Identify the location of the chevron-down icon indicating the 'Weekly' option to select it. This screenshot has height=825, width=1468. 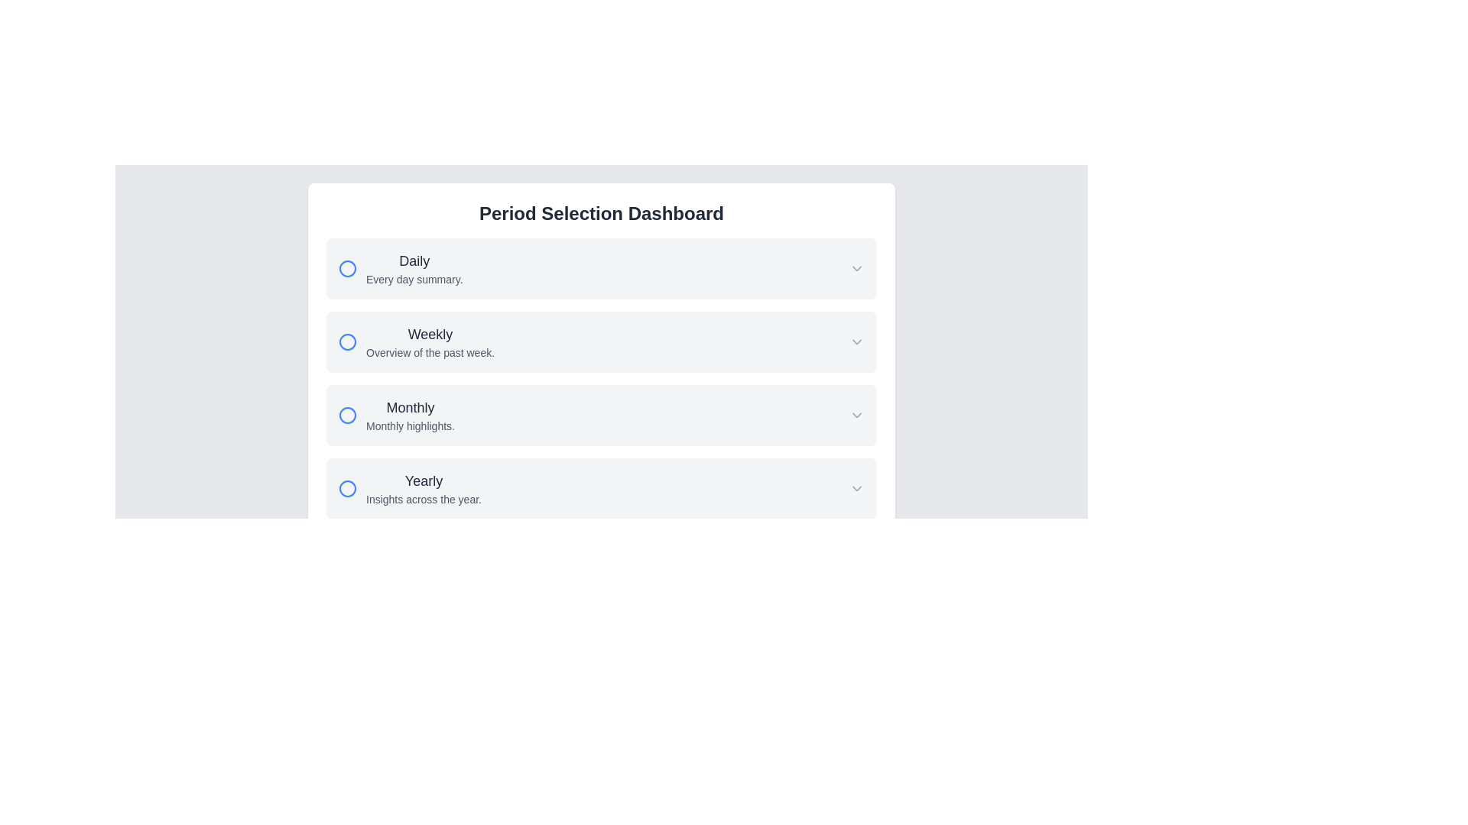
(857, 341).